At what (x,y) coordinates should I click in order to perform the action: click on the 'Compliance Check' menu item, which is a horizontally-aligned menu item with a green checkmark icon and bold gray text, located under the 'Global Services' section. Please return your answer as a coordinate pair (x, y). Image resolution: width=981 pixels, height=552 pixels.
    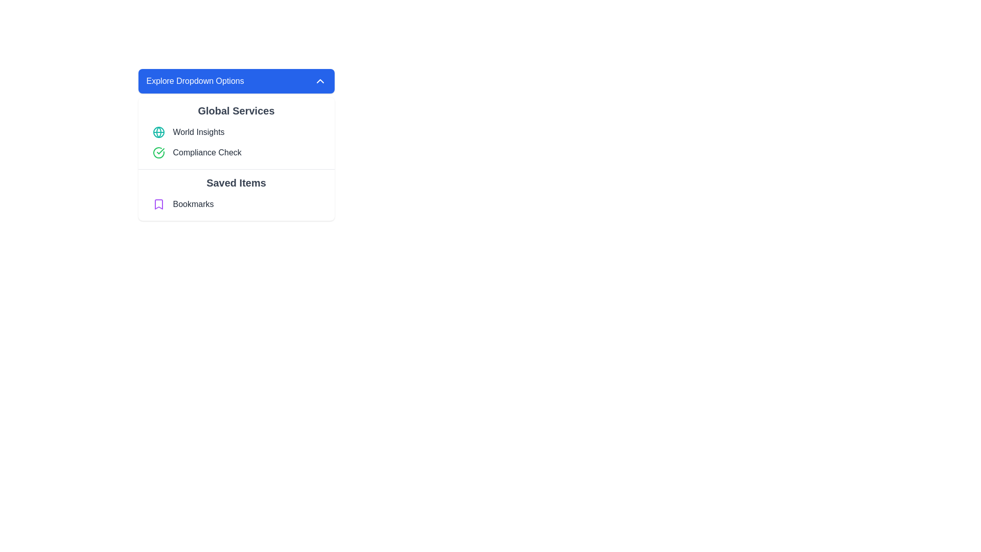
    Looking at the image, I should click on (236, 153).